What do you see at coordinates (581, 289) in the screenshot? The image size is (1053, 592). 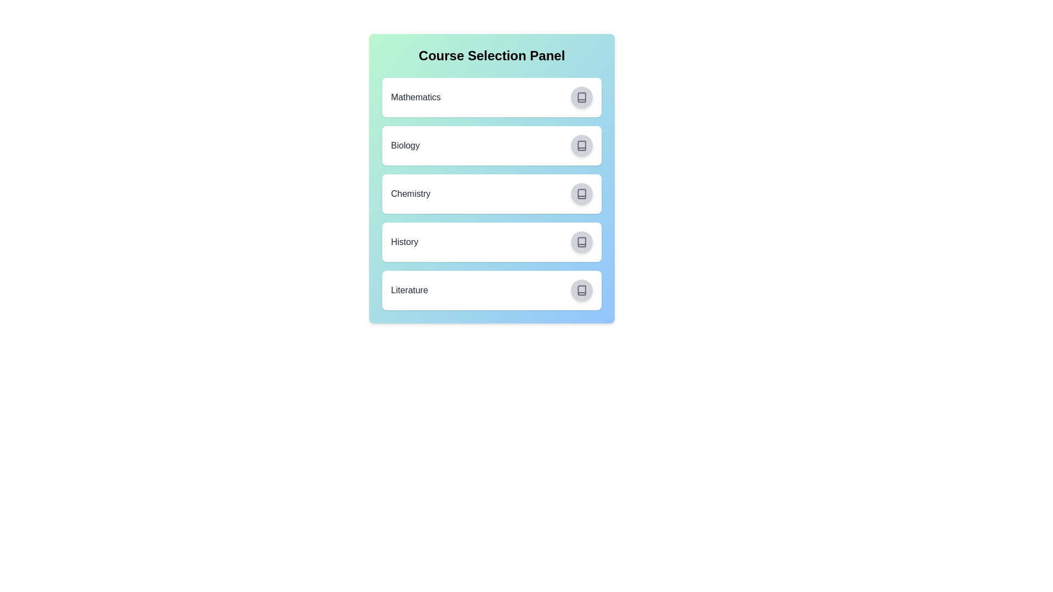 I see `the button corresponding to Literature` at bounding box center [581, 289].